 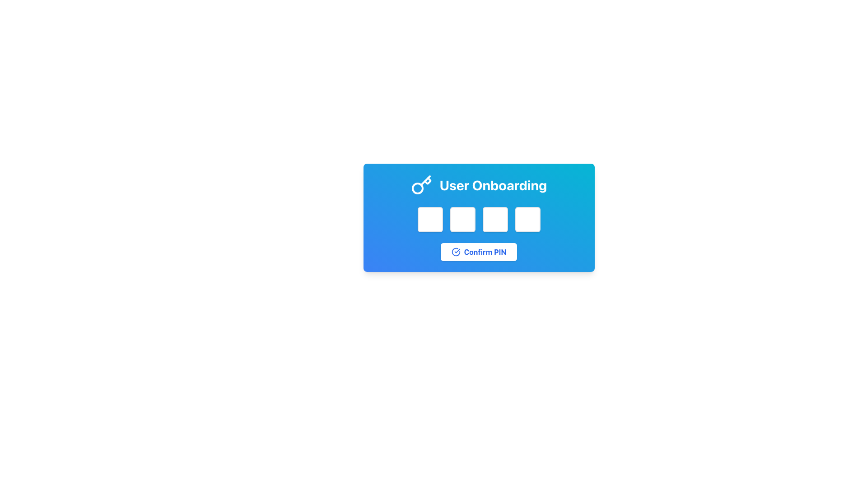 What do you see at coordinates (456, 252) in the screenshot?
I see `the circular icon with a checkmark, which is located to the left of the 'Confirm PIN' text within a blue button` at bounding box center [456, 252].